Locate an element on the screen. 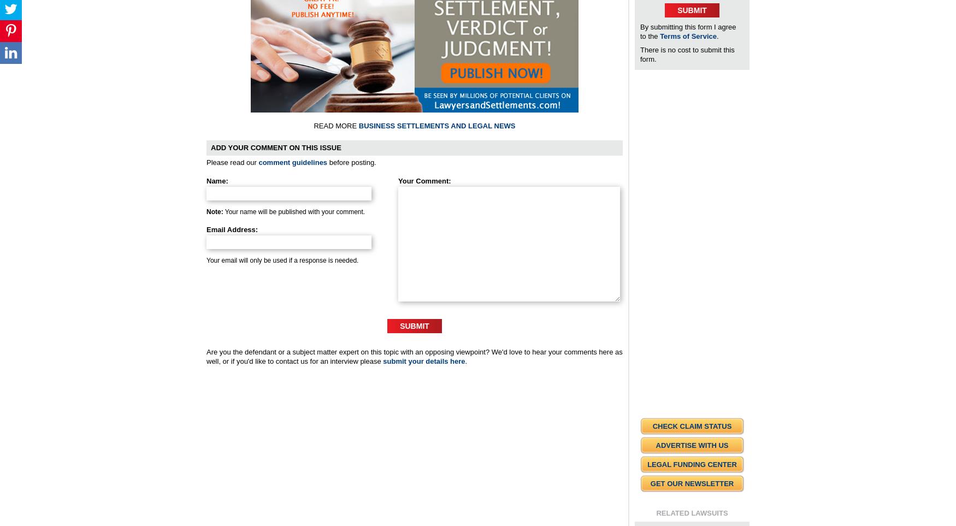  'Check Claim Status' is located at coordinates (691, 426).